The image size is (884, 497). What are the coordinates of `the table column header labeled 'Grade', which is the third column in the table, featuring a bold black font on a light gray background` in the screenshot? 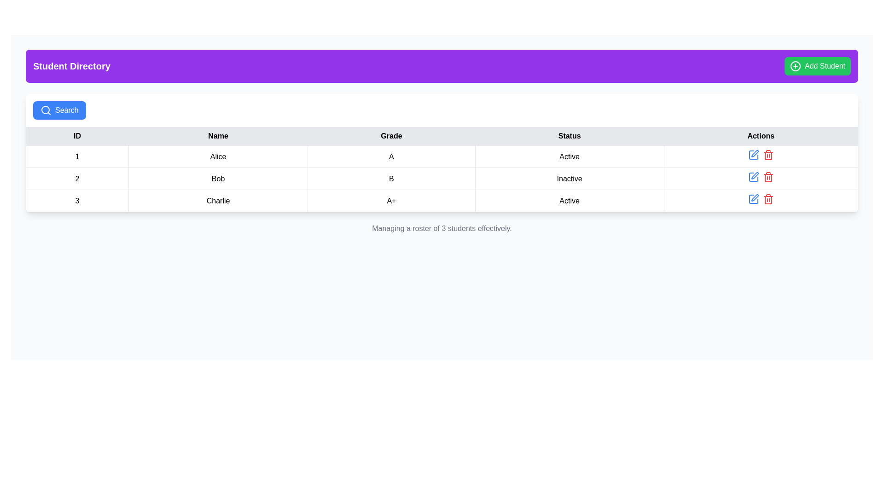 It's located at (391, 136).